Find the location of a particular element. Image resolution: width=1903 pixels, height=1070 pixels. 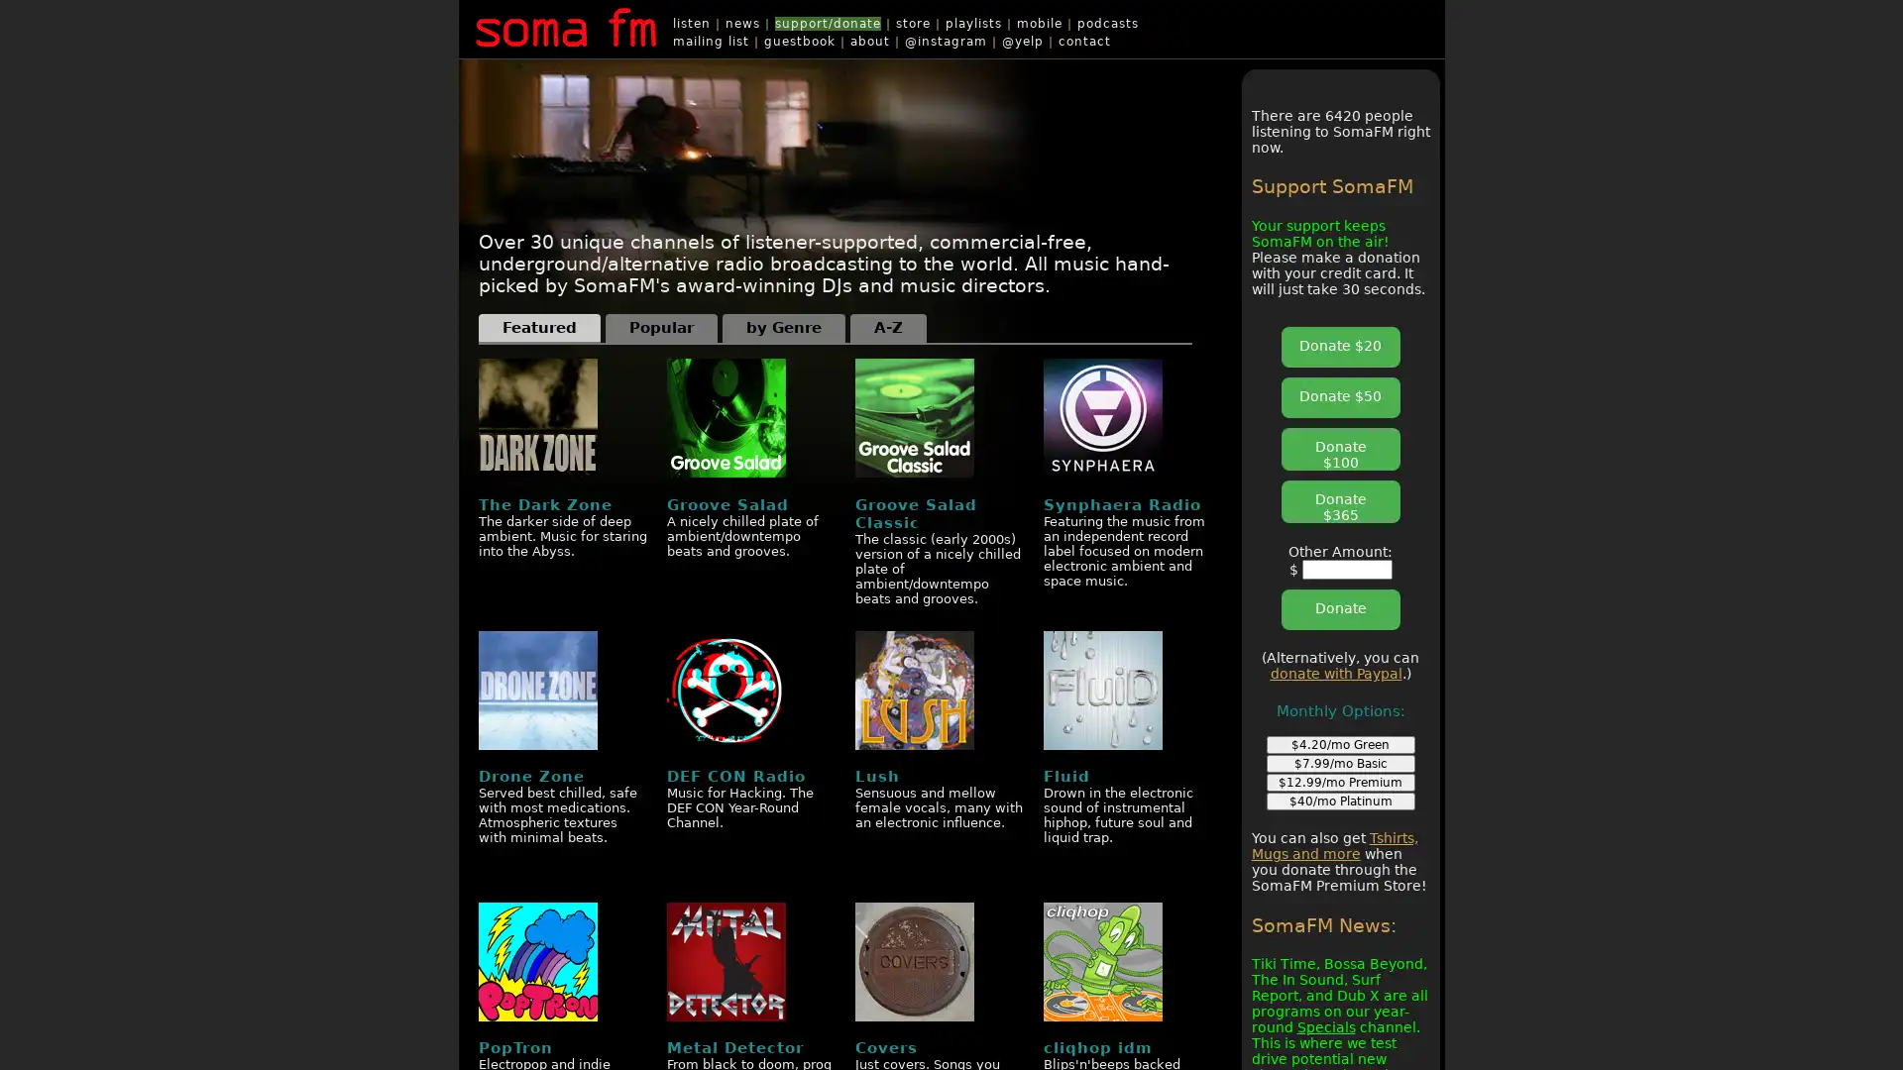

Donate $365 is located at coordinates (1340, 500).